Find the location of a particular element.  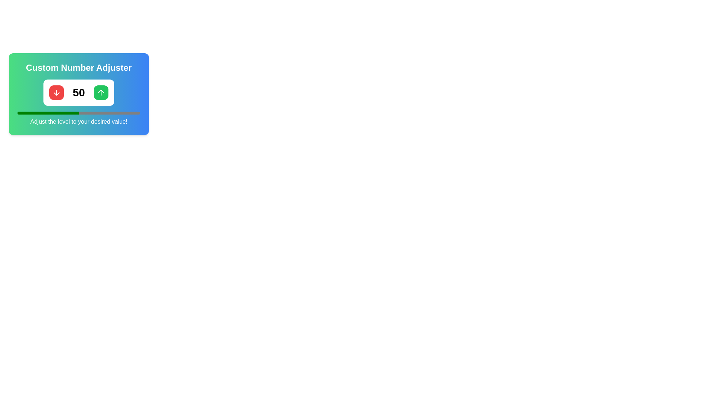

text displayed in bold, large, white font that states 'Custom Number Adjuster' located at the top of the layout is located at coordinates (79, 67).